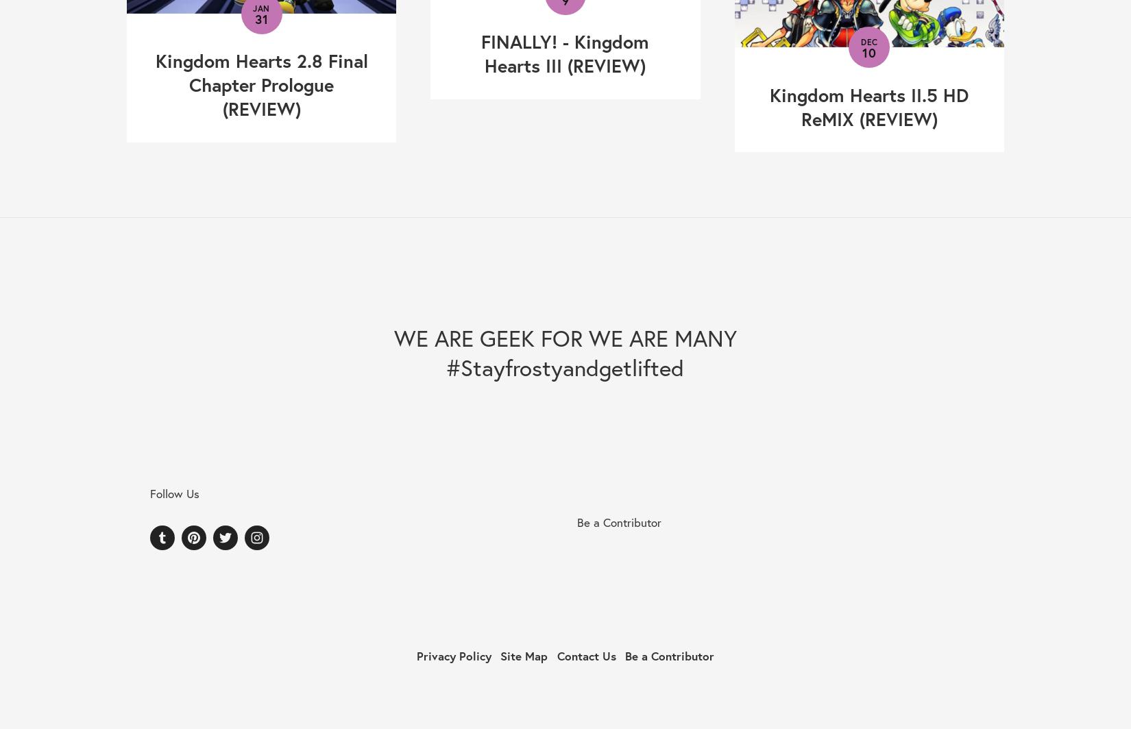 The height and width of the screenshot is (729, 1131). Describe the element at coordinates (564, 53) in the screenshot. I see `'FINALLY! - Kingdom Hearts III (REVIEW)'` at that location.